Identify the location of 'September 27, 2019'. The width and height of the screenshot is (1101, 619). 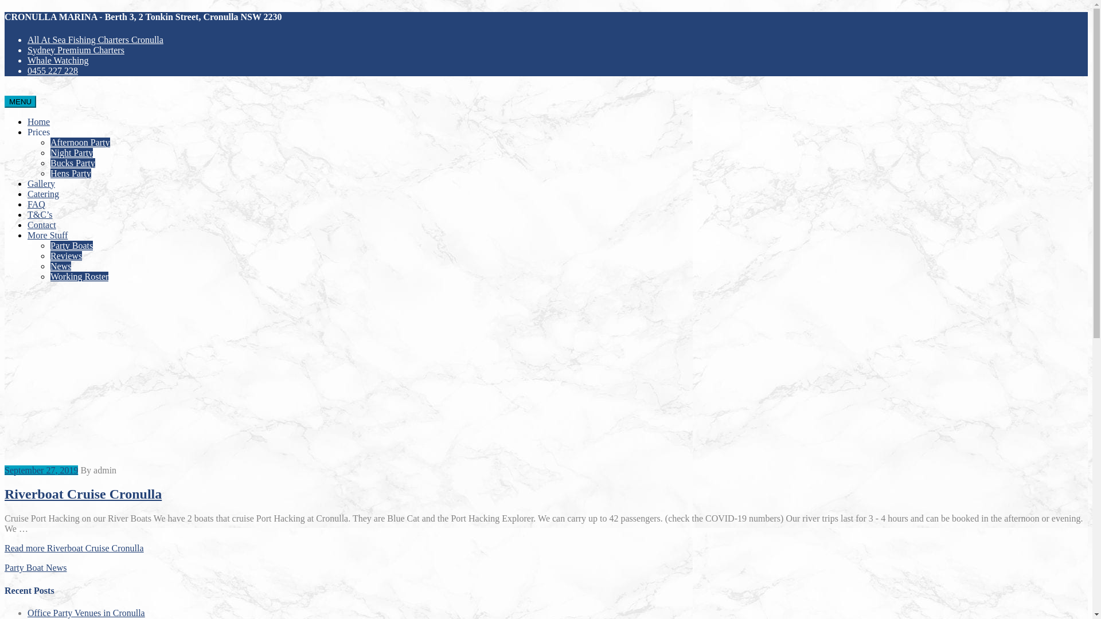
(41, 470).